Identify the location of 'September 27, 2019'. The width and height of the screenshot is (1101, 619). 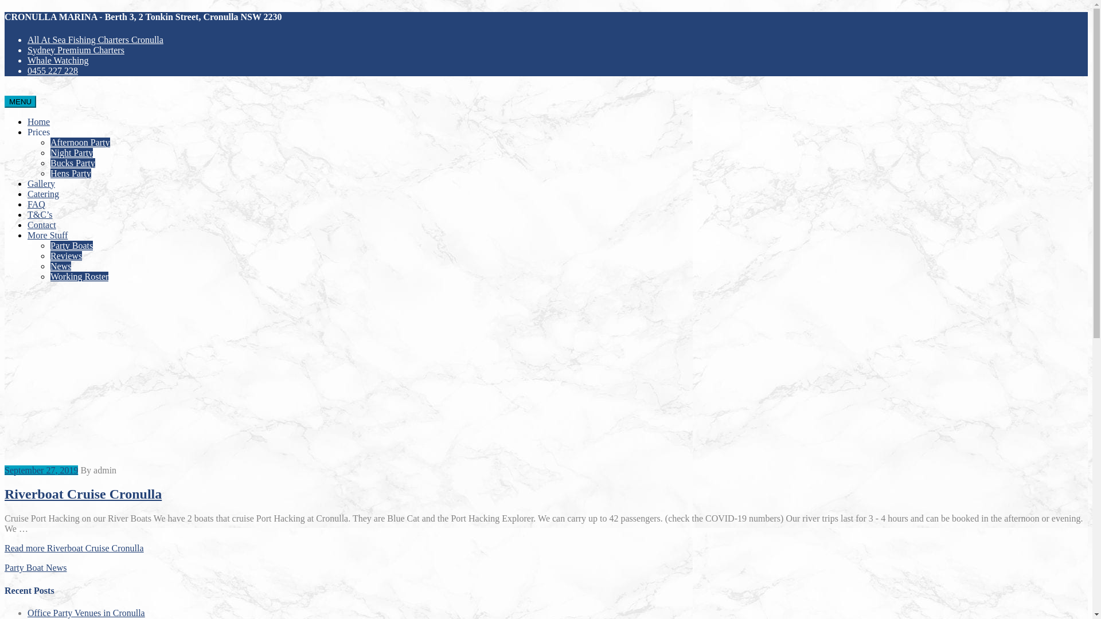
(41, 470).